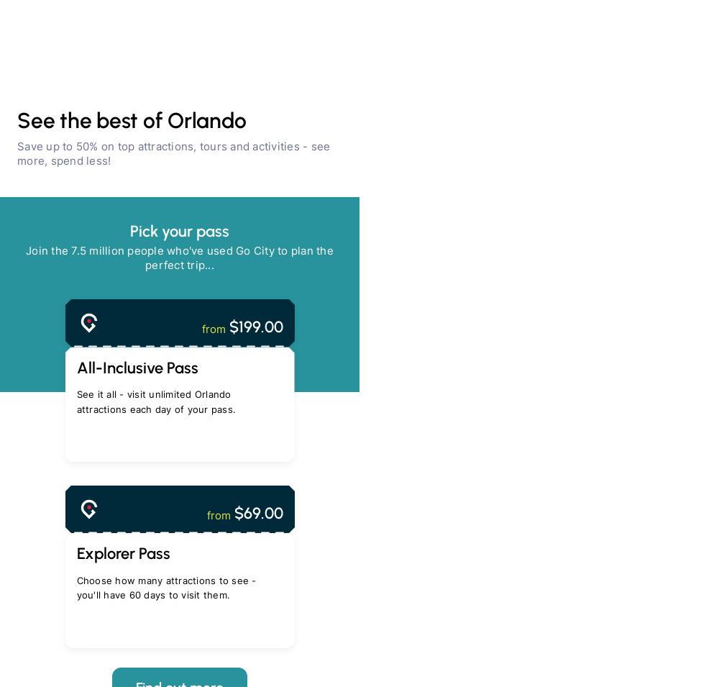 The height and width of the screenshot is (687, 719). What do you see at coordinates (121, 565) in the screenshot?
I see `'Always easy'` at bounding box center [121, 565].